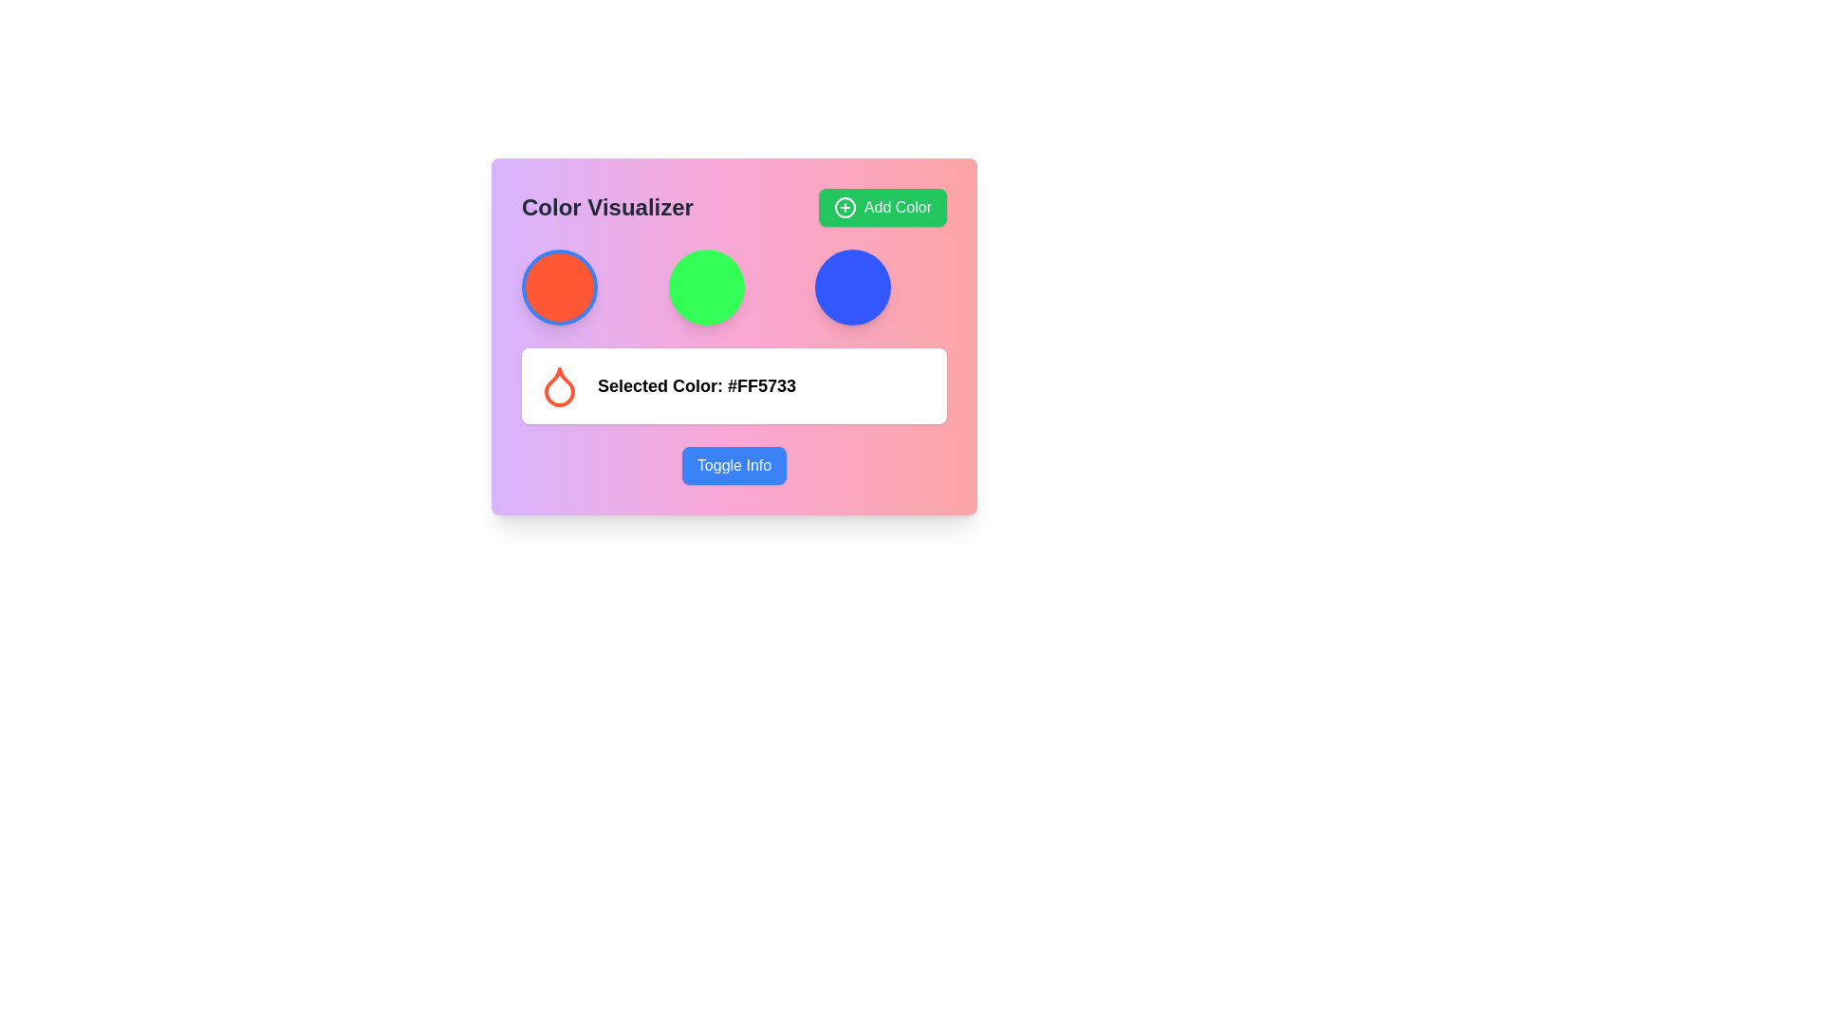 This screenshot has width=1822, height=1025. What do you see at coordinates (696, 385) in the screenshot?
I see `the static text label displaying the currently selected color's name and hexadecimal code, located to the right of a red droplet-shaped icon` at bounding box center [696, 385].